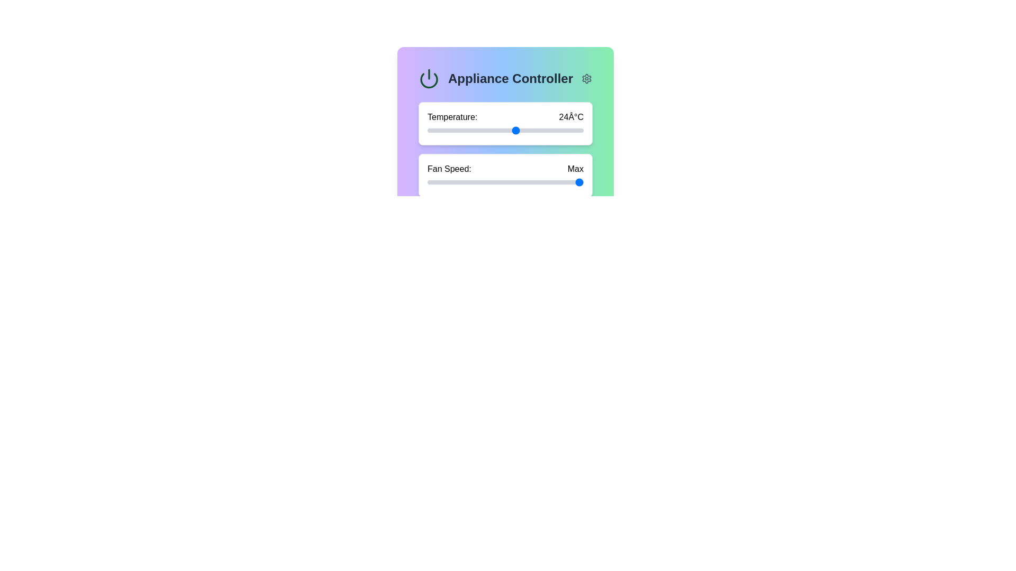  I want to click on the fan speed to 0 level, so click(427, 181).